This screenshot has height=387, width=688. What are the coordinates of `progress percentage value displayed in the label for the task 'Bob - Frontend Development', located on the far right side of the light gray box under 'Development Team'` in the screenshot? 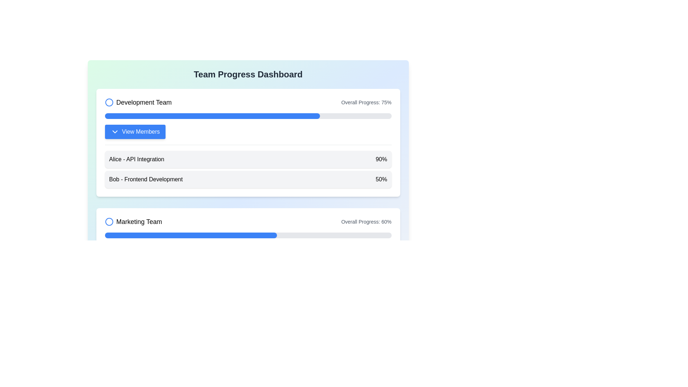 It's located at (381, 179).